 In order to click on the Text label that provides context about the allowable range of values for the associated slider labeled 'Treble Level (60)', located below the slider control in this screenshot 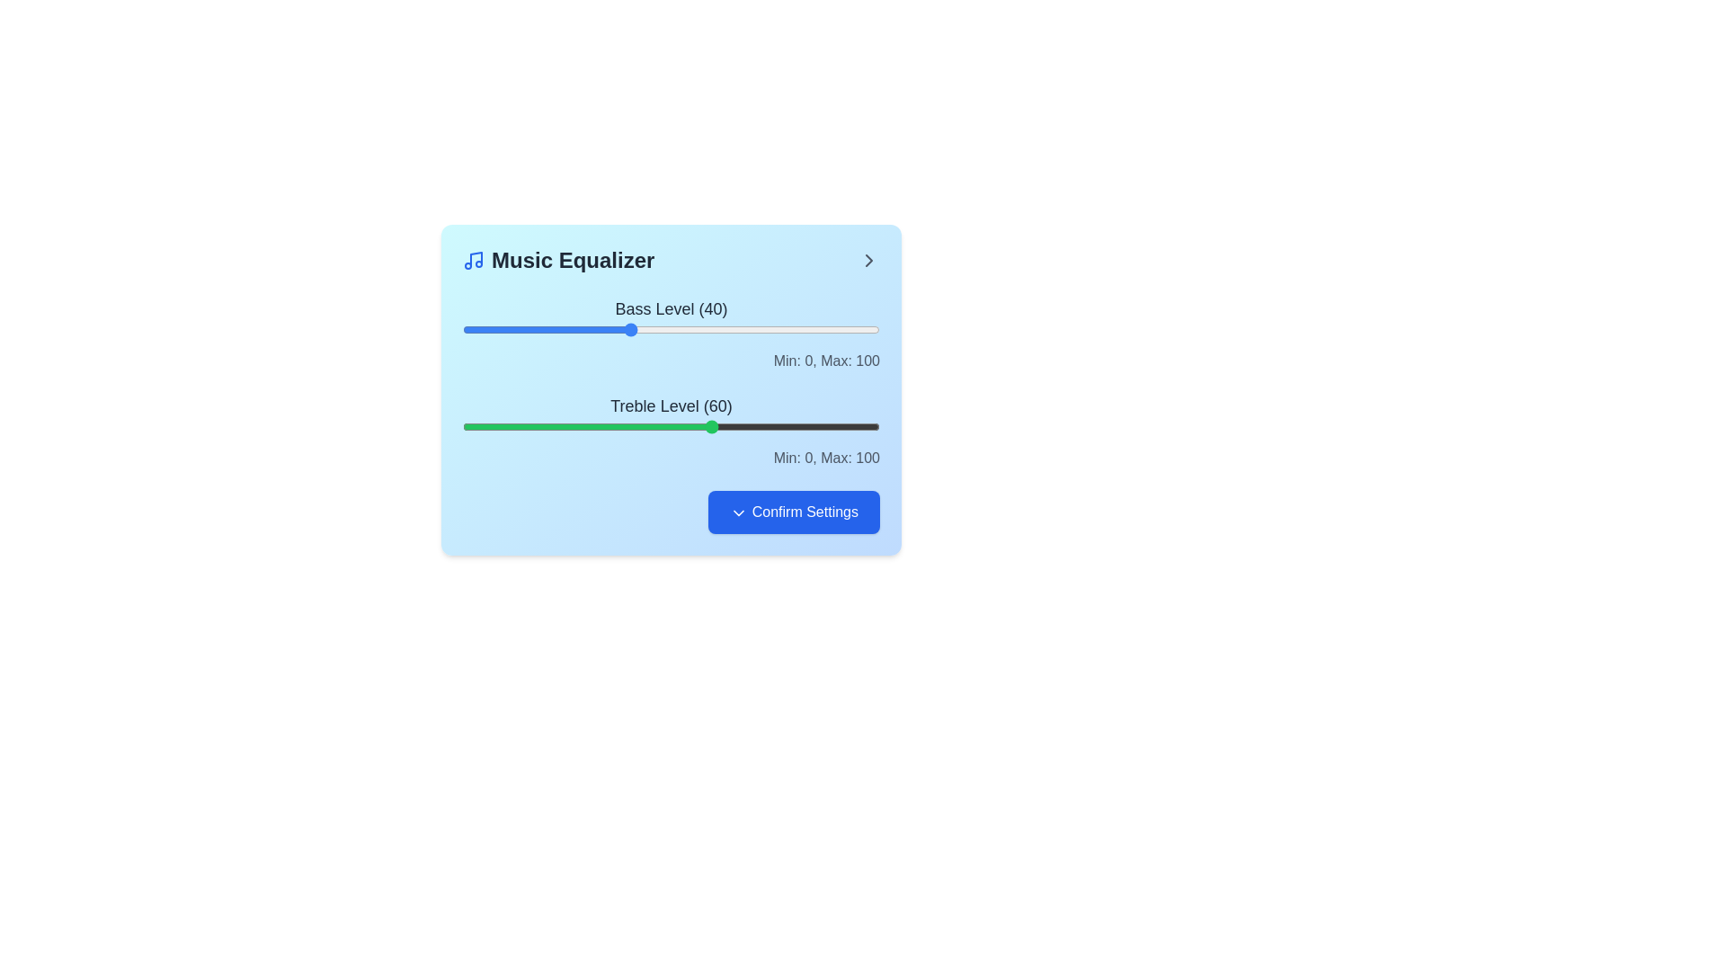, I will do `click(671, 457)`.